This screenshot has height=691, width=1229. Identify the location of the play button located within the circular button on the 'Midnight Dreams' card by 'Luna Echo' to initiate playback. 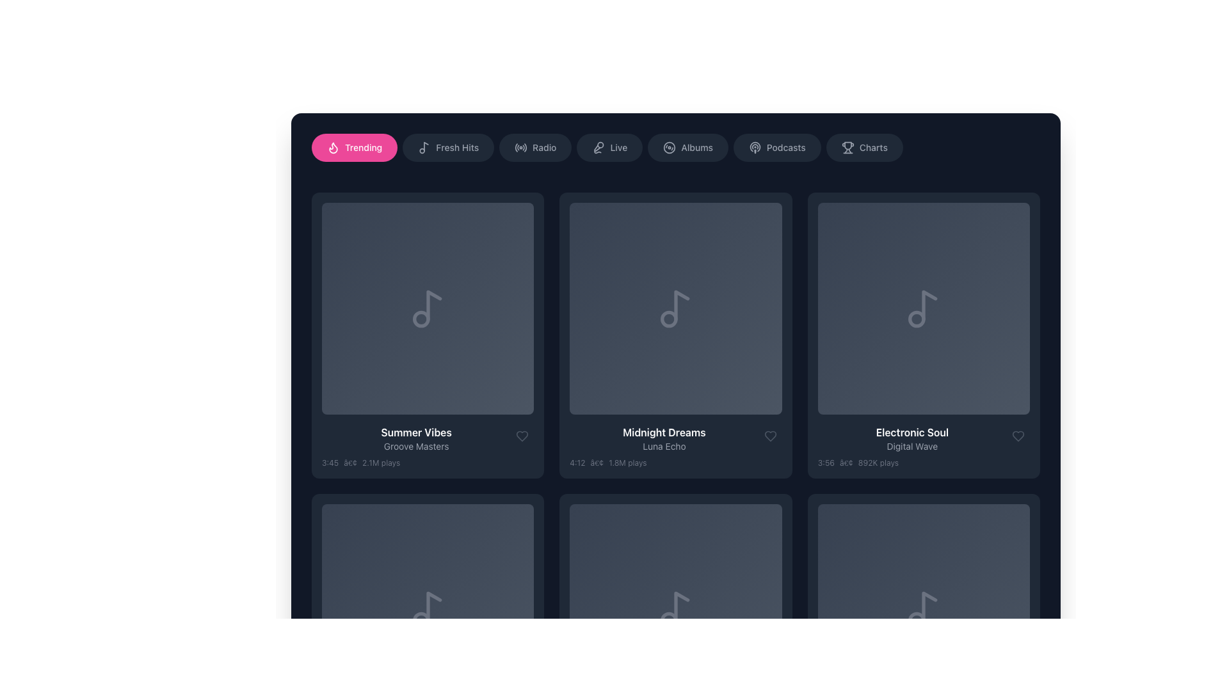
(676, 335).